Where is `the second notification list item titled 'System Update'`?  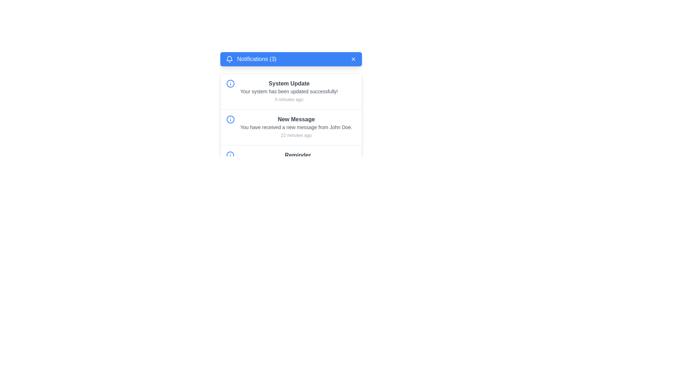 the second notification list item titled 'System Update' is located at coordinates (289, 91).